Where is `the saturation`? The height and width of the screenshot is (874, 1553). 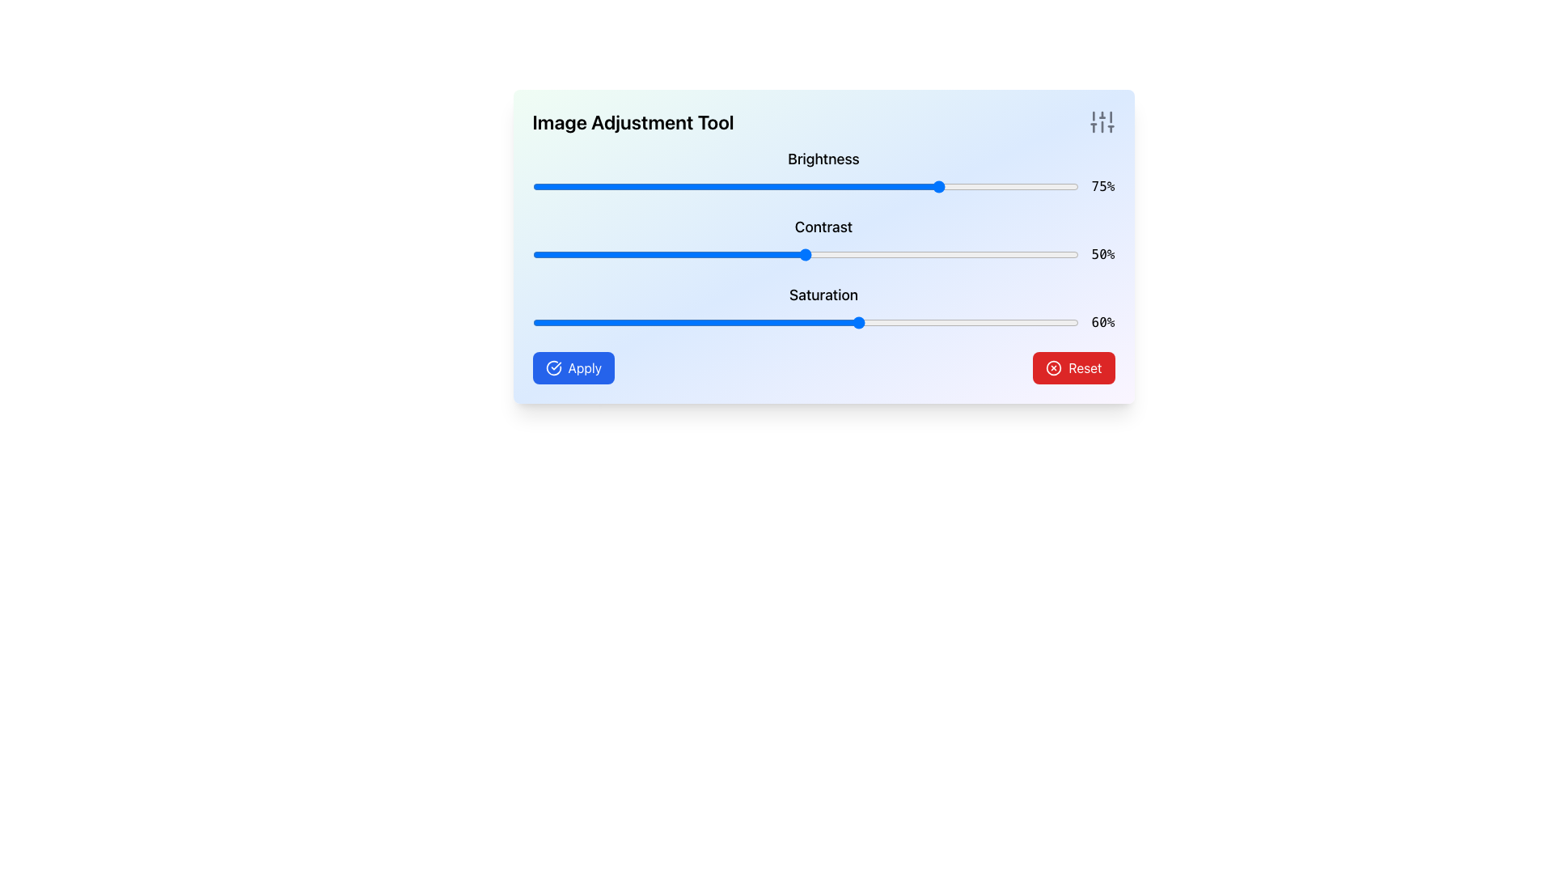 the saturation is located at coordinates (538, 322).